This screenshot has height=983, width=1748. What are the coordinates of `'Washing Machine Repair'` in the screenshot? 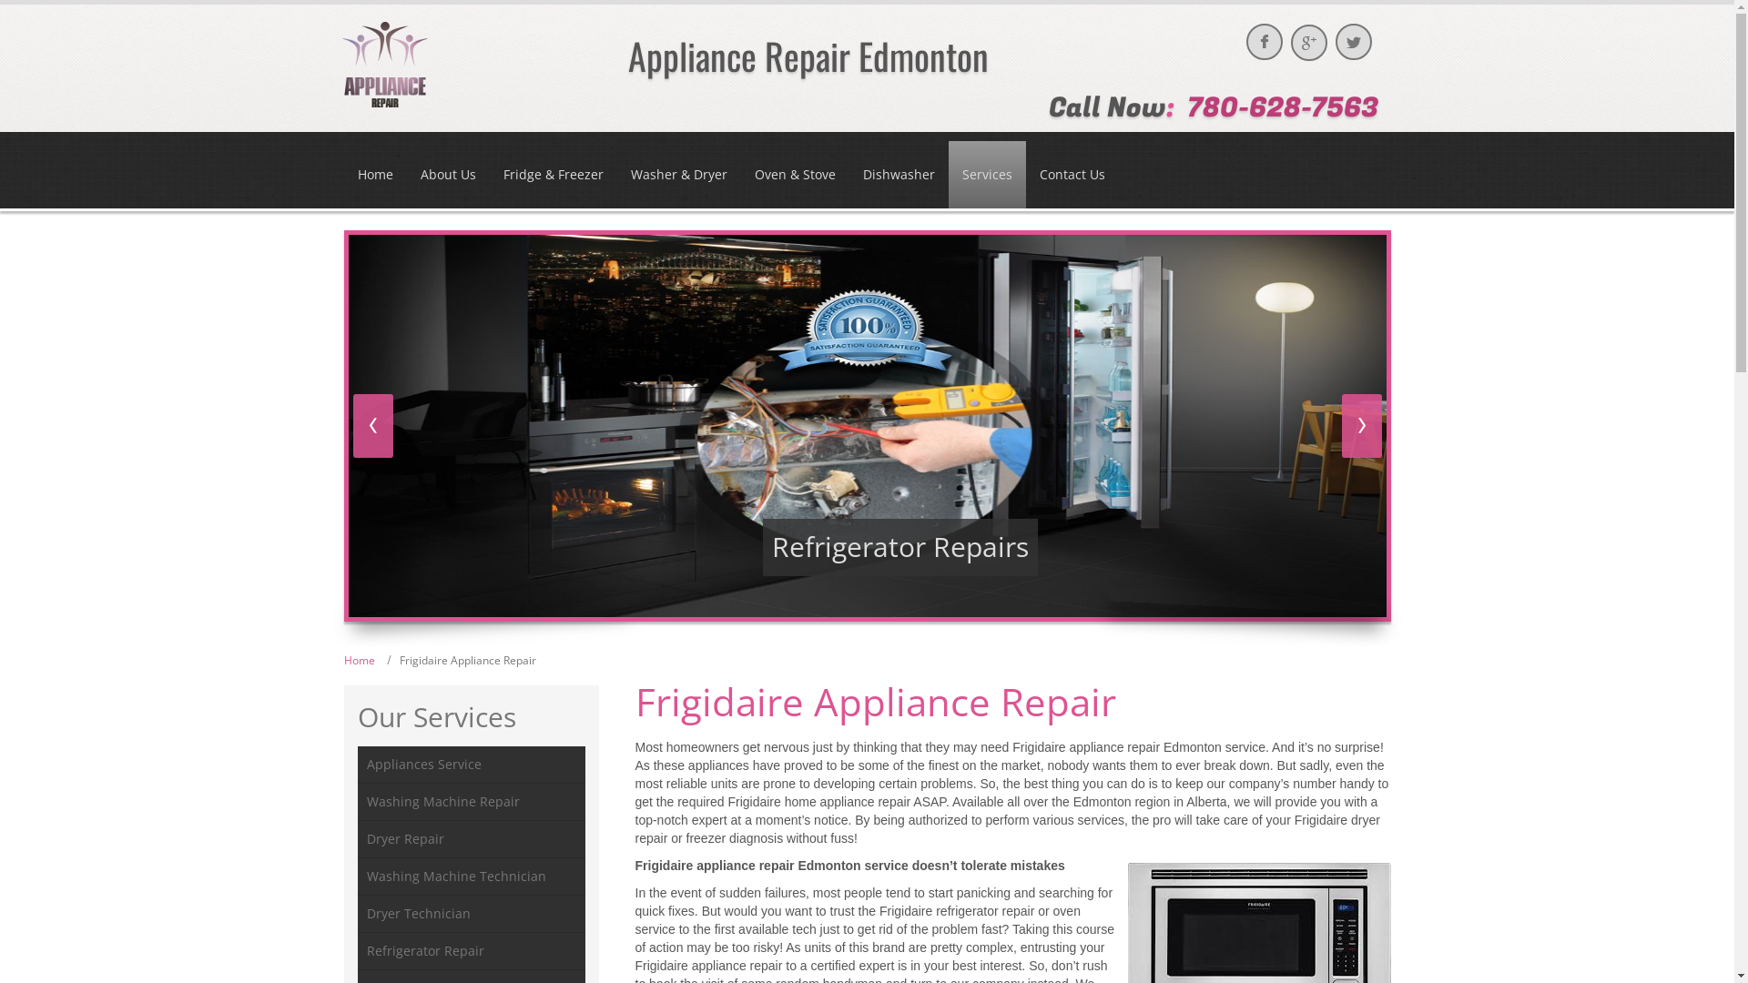 It's located at (471, 801).